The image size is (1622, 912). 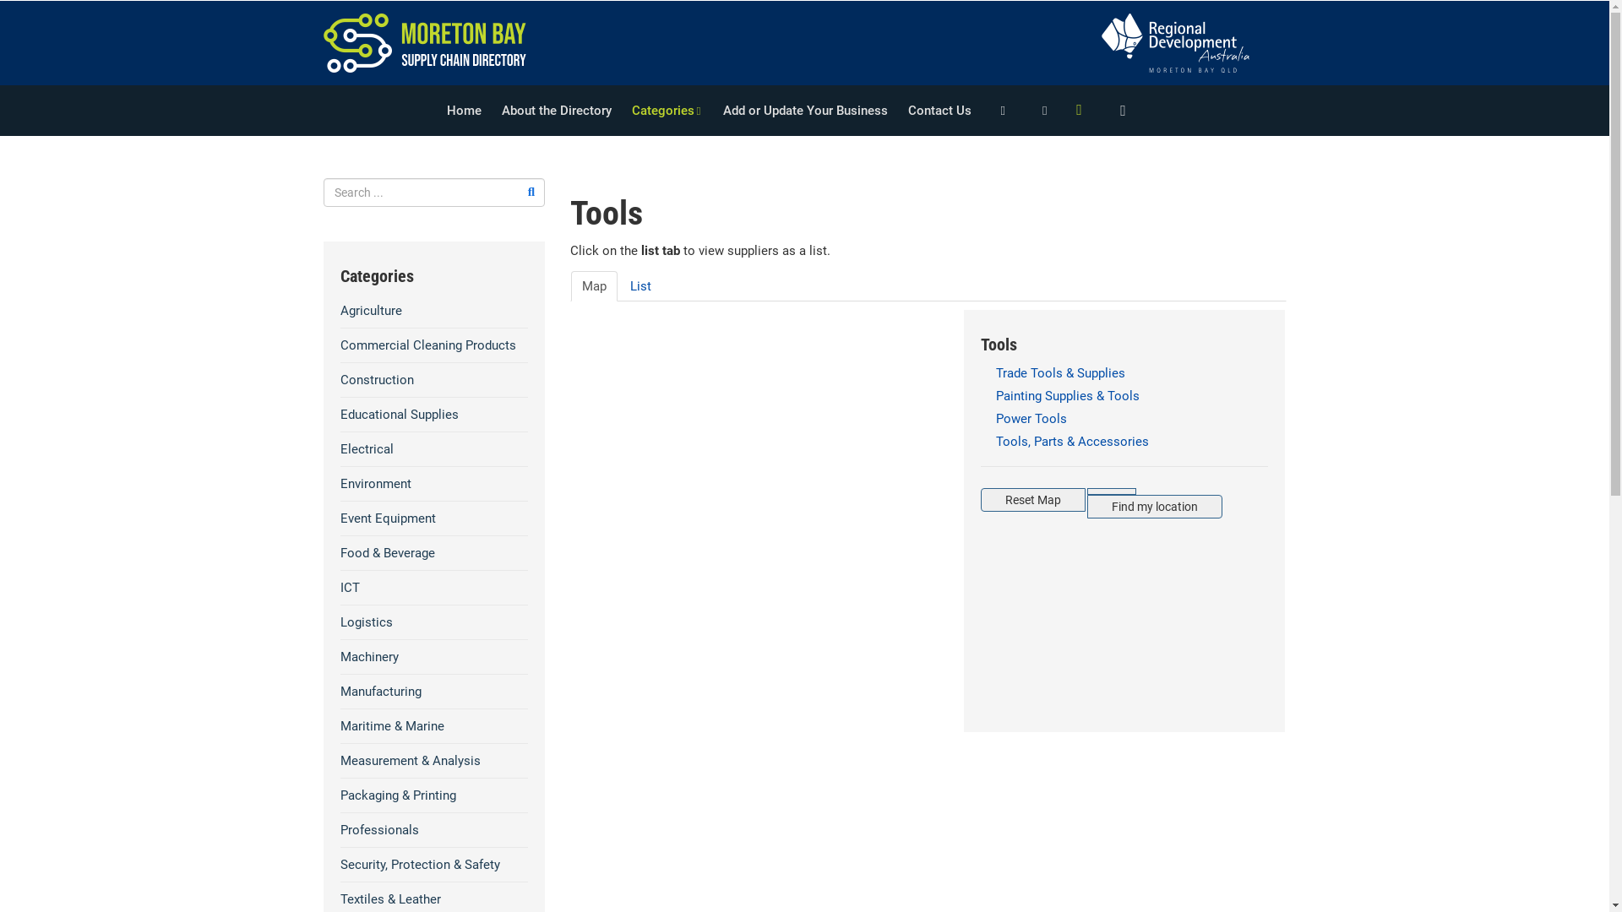 What do you see at coordinates (339, 344) in the screenshot?
I see `'Commercial Cleaning Products'` at bounding box center [339, 344].